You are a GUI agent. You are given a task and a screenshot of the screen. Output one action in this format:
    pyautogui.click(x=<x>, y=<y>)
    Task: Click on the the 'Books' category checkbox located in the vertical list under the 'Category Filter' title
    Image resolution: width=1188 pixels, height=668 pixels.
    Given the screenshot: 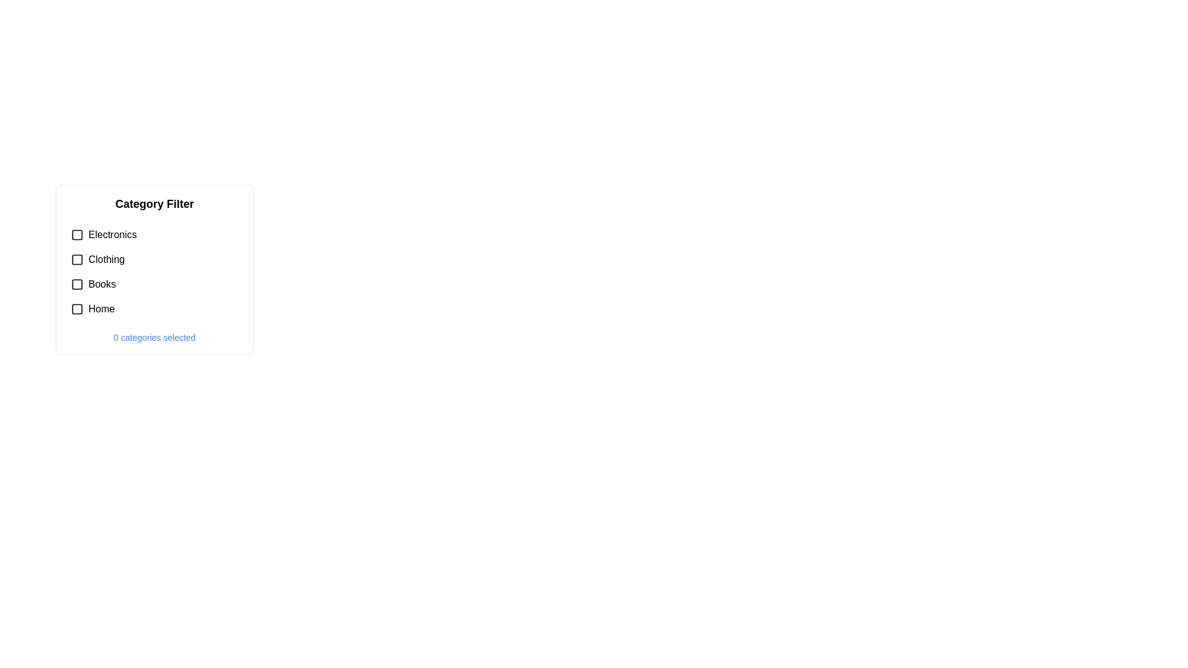 What is the action you would take?
    pyautogui.click(x=153, y=284)
    